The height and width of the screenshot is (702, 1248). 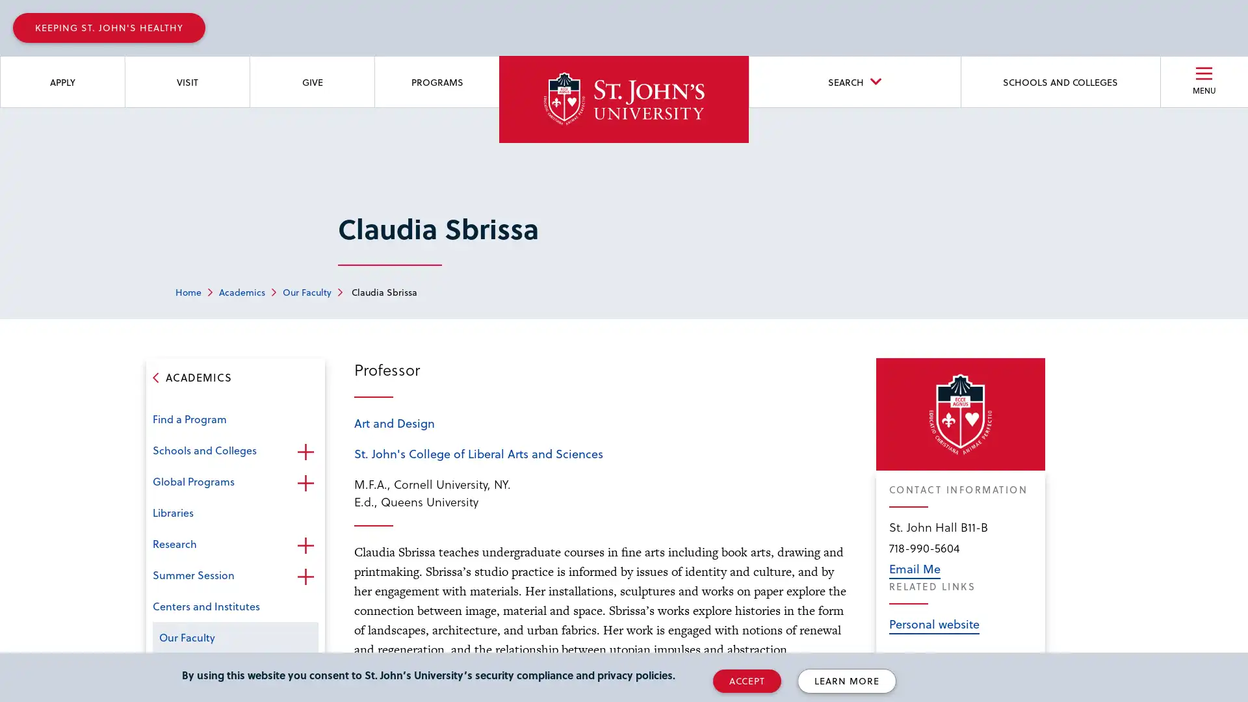 What do you see at coordinates (305, 483) in the screenshot?
I see `Open the sub-menu` at bounding box center [305, 483].